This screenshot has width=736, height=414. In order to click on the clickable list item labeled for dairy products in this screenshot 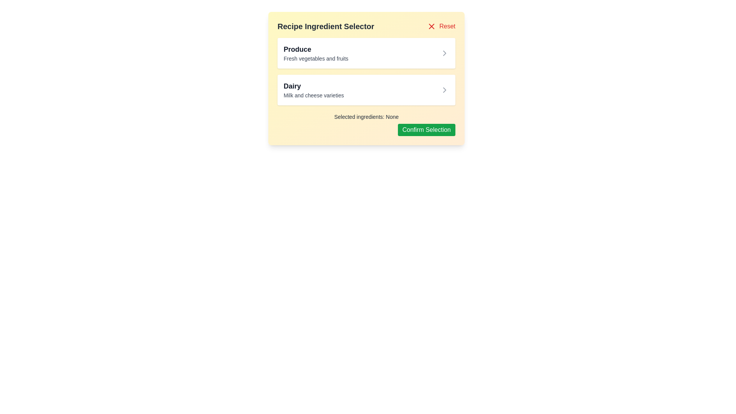, I will do `click(314, 90)`.